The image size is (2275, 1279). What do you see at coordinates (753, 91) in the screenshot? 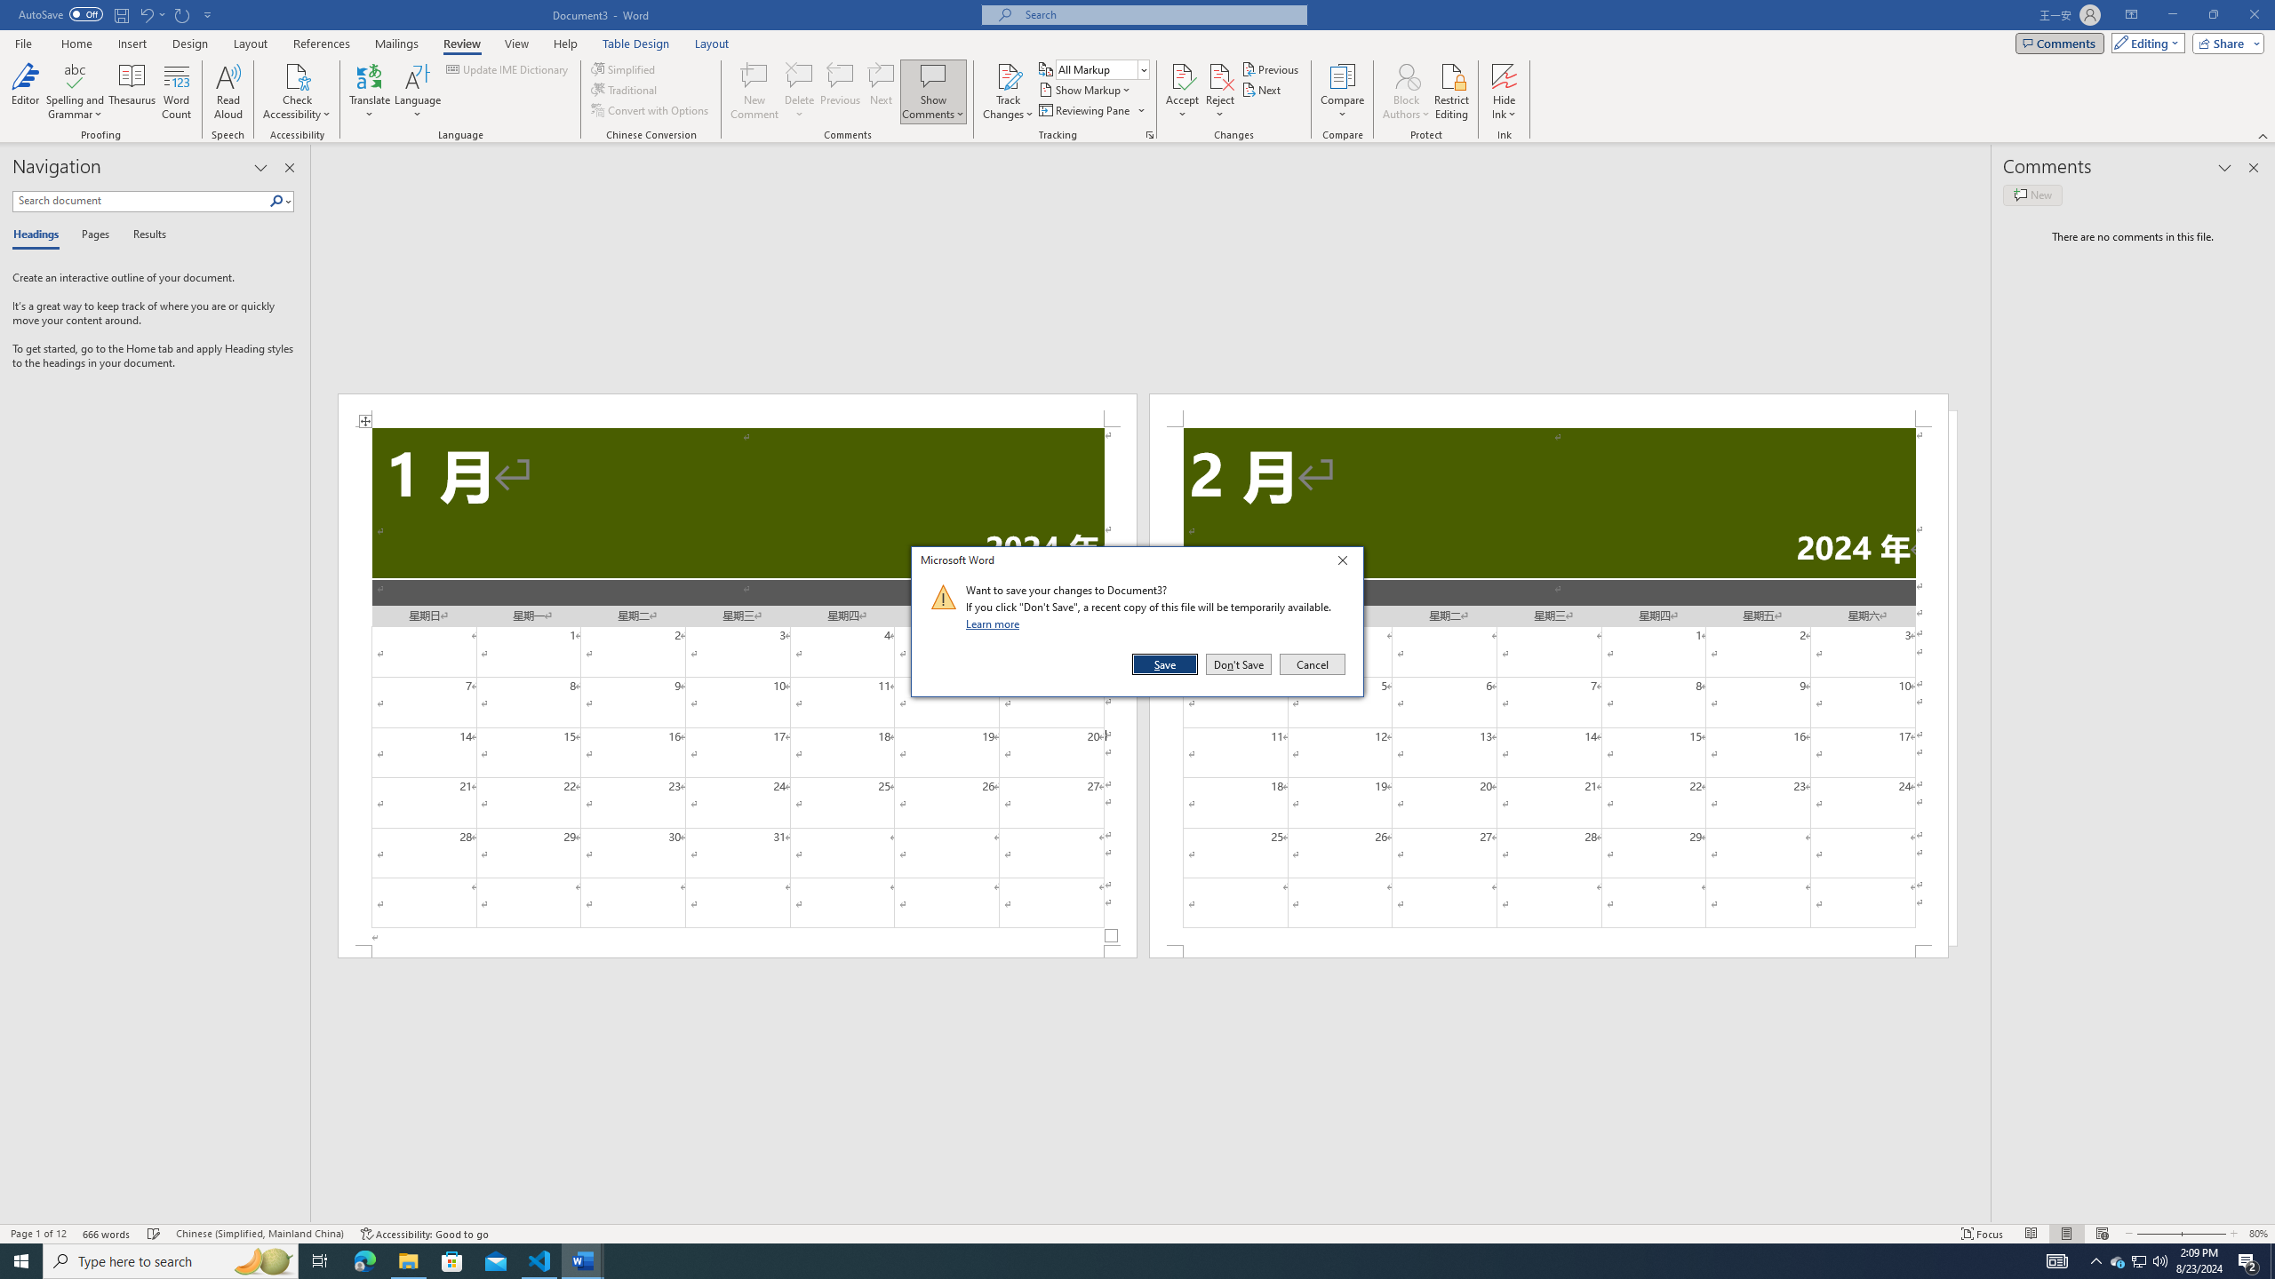
I see `'New Comment'` at bounding box center [753, 91].